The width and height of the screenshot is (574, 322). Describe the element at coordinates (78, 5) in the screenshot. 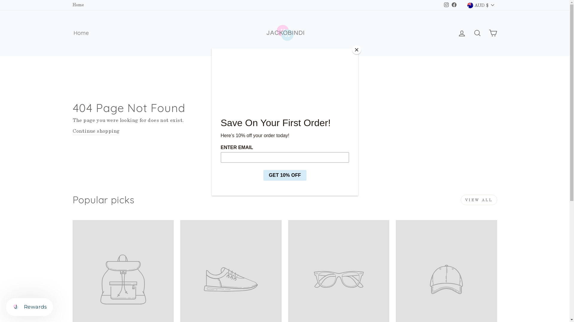

I see `'Home'` at that location.